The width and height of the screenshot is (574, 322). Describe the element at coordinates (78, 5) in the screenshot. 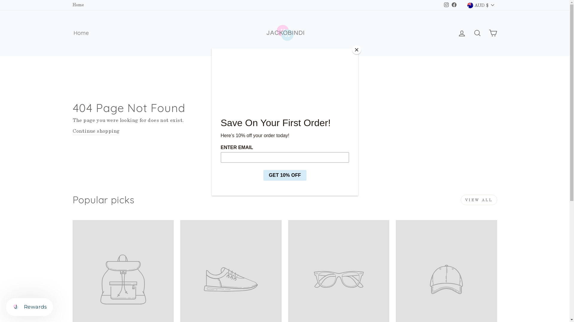

I see `'Home'` at that location.